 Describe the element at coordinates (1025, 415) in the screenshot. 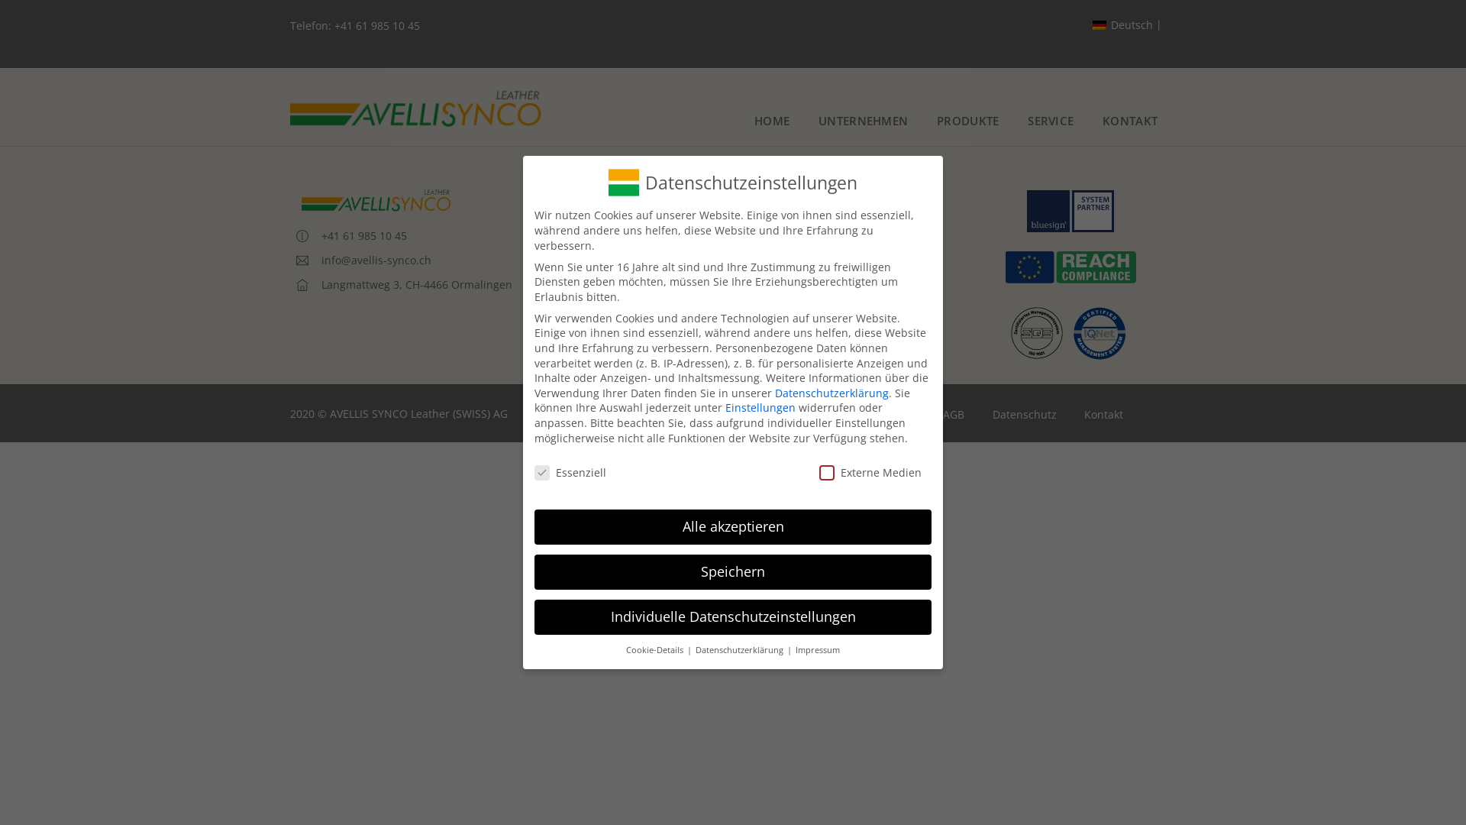

I see `'Datenschutz'` at that location.